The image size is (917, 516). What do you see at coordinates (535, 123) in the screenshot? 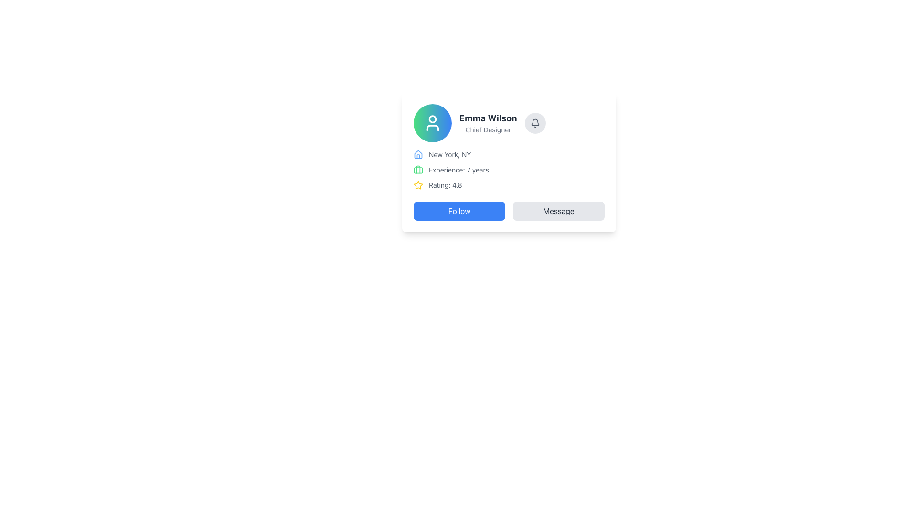
I see `the bell-shaped icon located at the top-right corner of the user's profile card` at bounding box center [535, 123].